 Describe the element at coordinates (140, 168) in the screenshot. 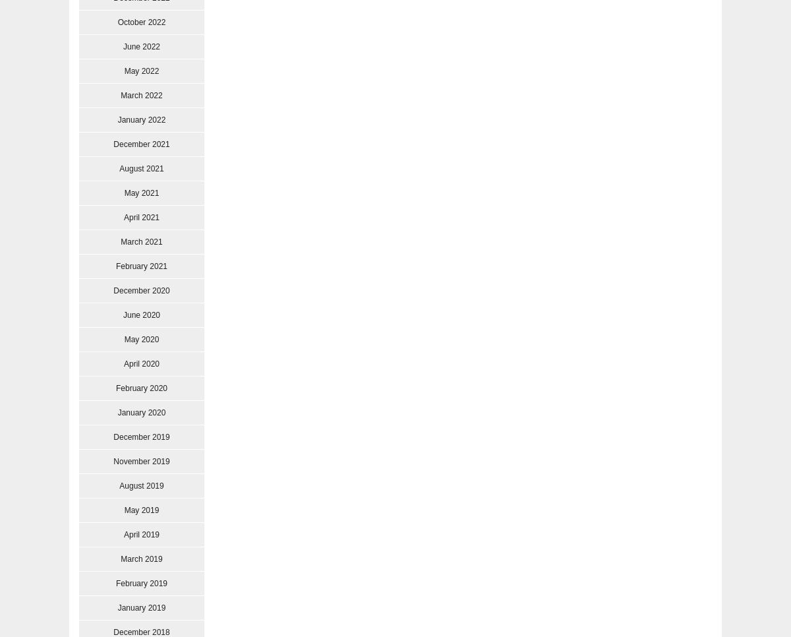

I see `'August 2021'` at that location.